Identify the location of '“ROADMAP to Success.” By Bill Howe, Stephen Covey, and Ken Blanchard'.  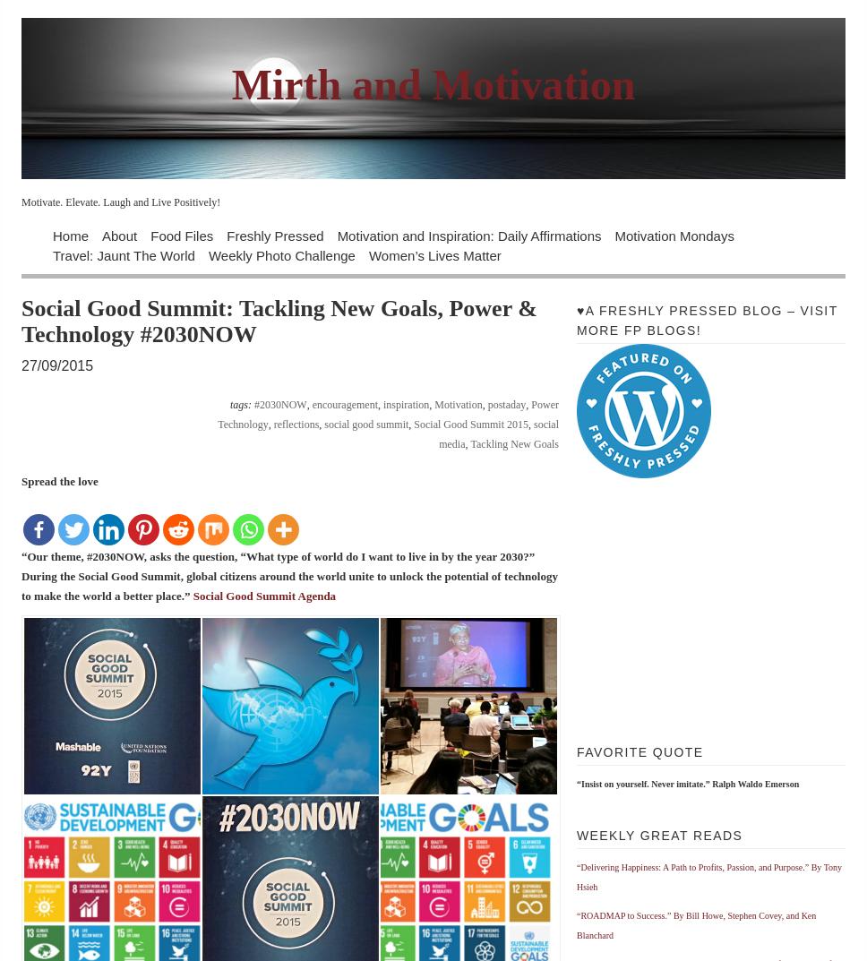
(695, 925).